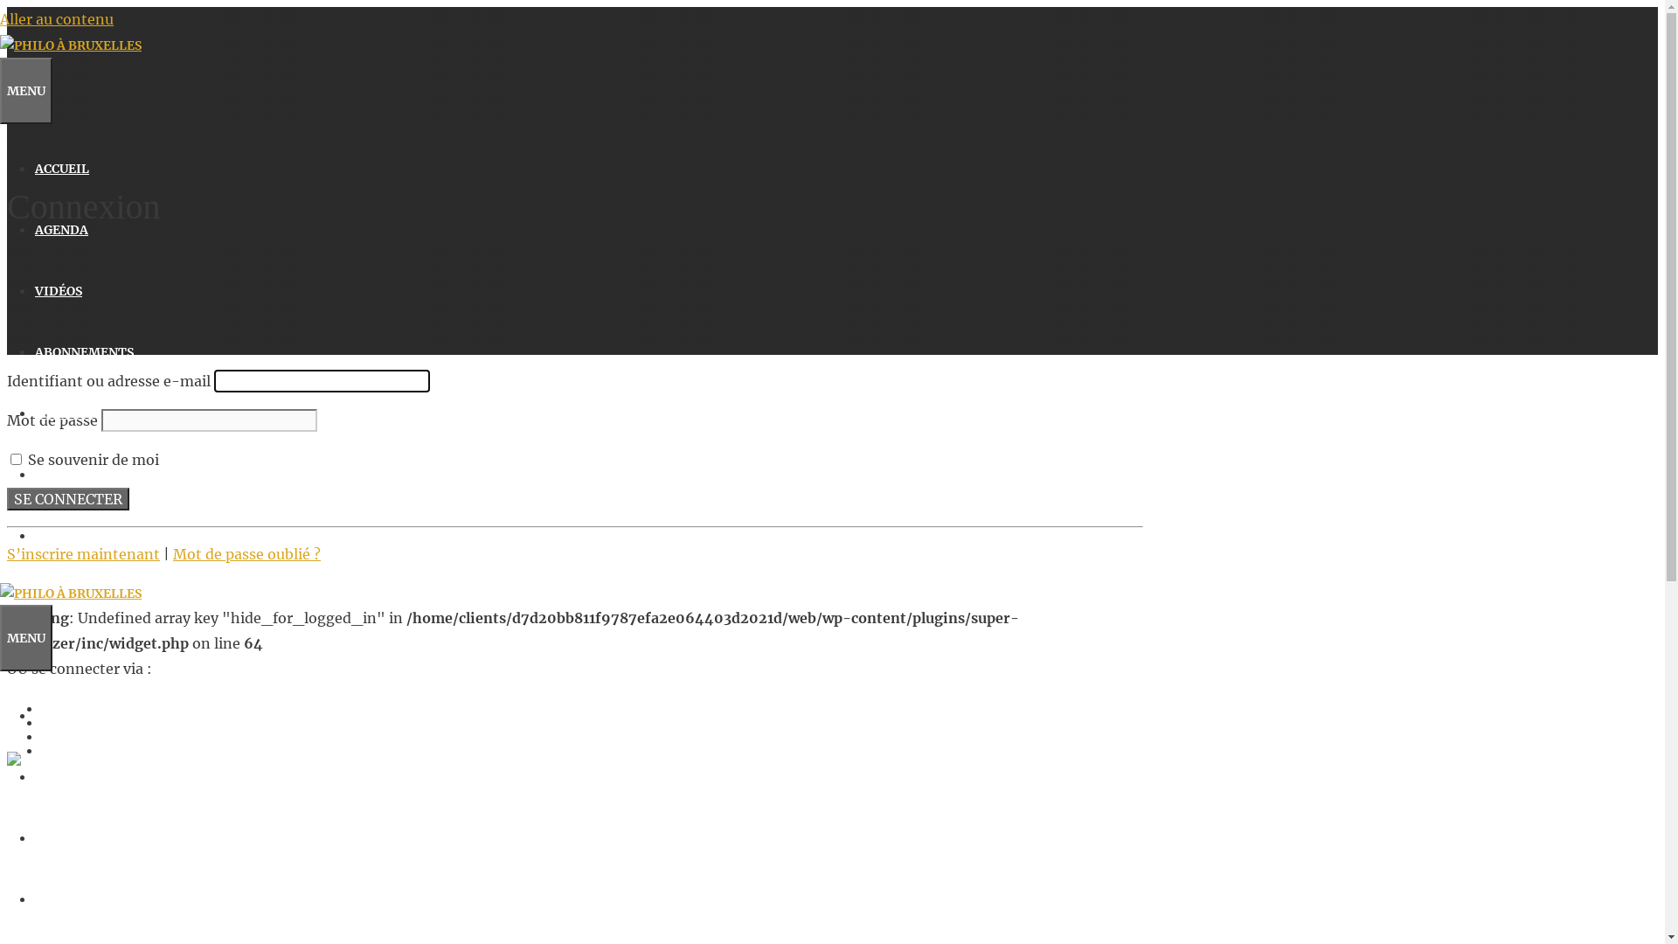 The width and height of the screenshot is (1678, 944). I want to click on 'ACCUEIL', so click(34, 715).